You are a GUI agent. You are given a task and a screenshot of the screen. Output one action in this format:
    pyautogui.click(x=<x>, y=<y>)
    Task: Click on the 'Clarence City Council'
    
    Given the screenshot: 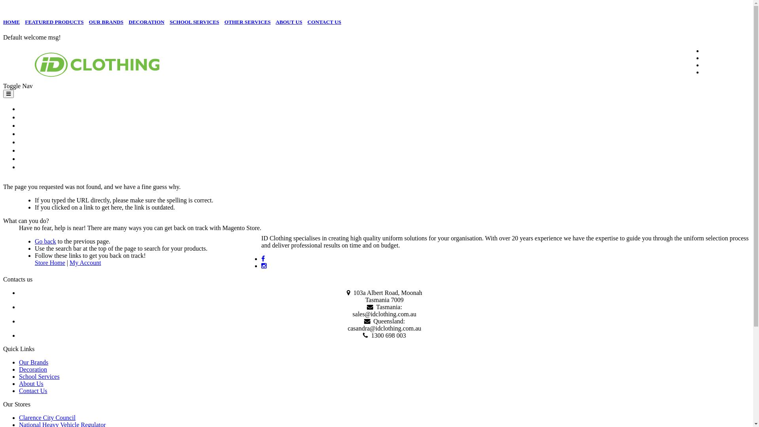 What is the action you would take?
    pyautogui.click(x=47, y=417)
    